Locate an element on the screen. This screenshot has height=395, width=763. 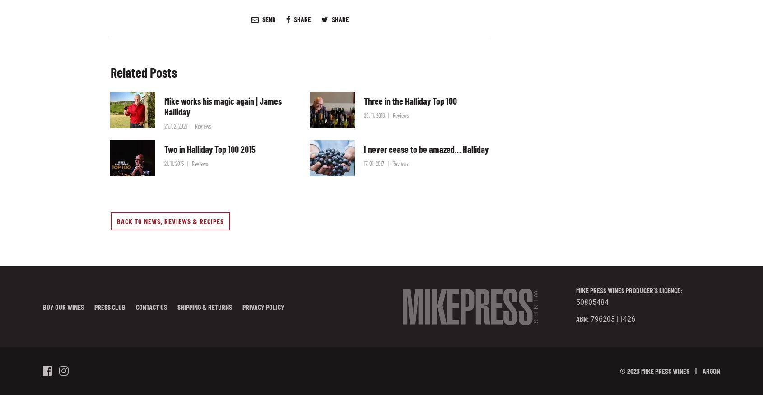
'Related Posts' is located at coordinates (110, 71).